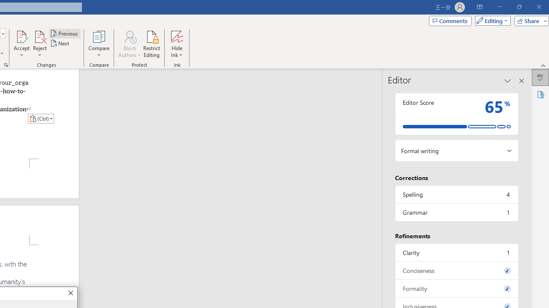  I want to click on 'Accessibility', so click(540, 95).